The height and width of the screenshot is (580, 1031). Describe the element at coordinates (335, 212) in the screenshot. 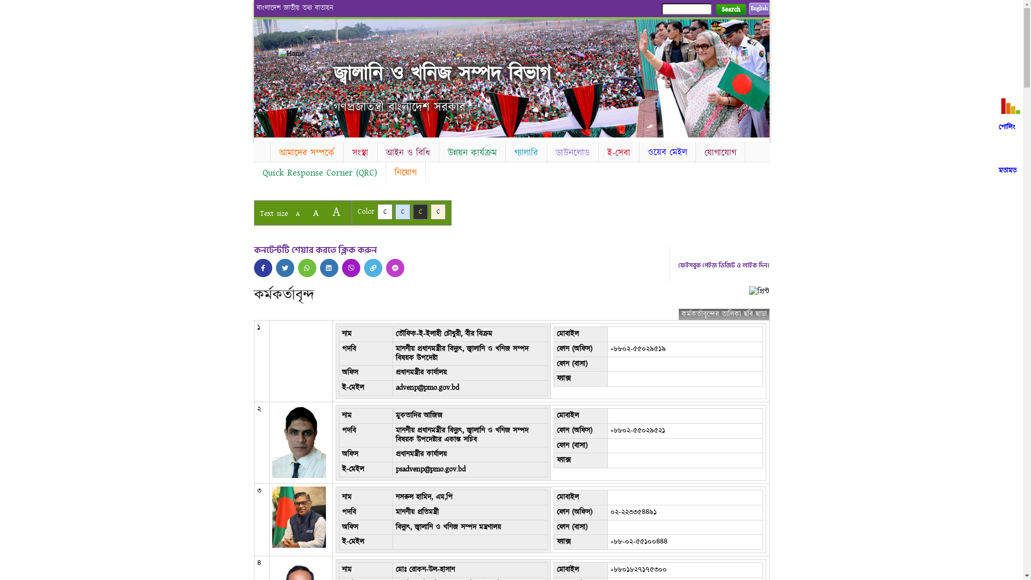

I see `'A'` at that location.